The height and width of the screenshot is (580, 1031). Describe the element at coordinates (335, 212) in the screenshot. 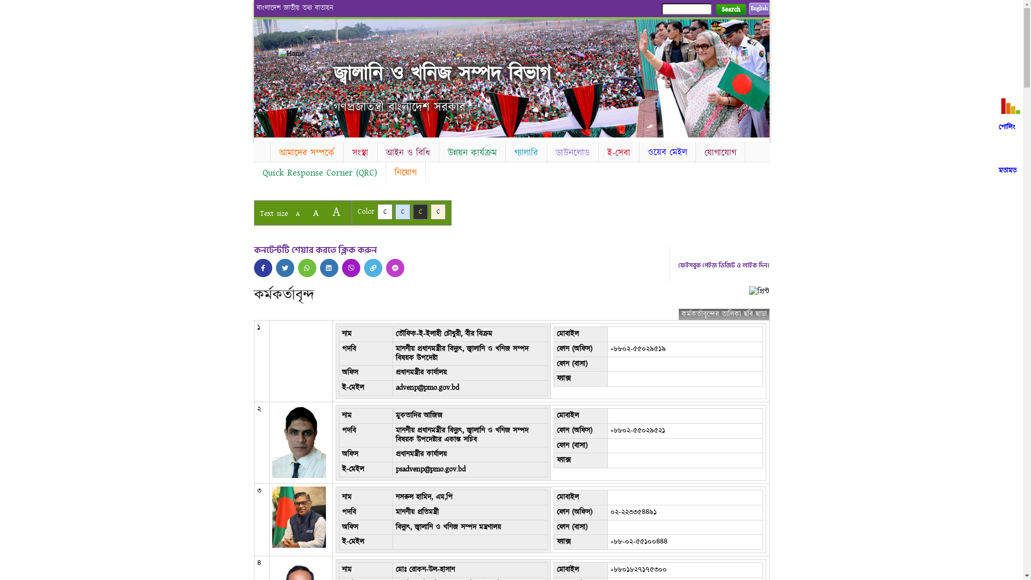

I see `'A'` at that location.